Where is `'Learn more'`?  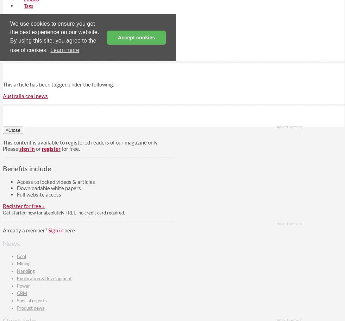 'Learn more' is located at coordinates (64, 49).